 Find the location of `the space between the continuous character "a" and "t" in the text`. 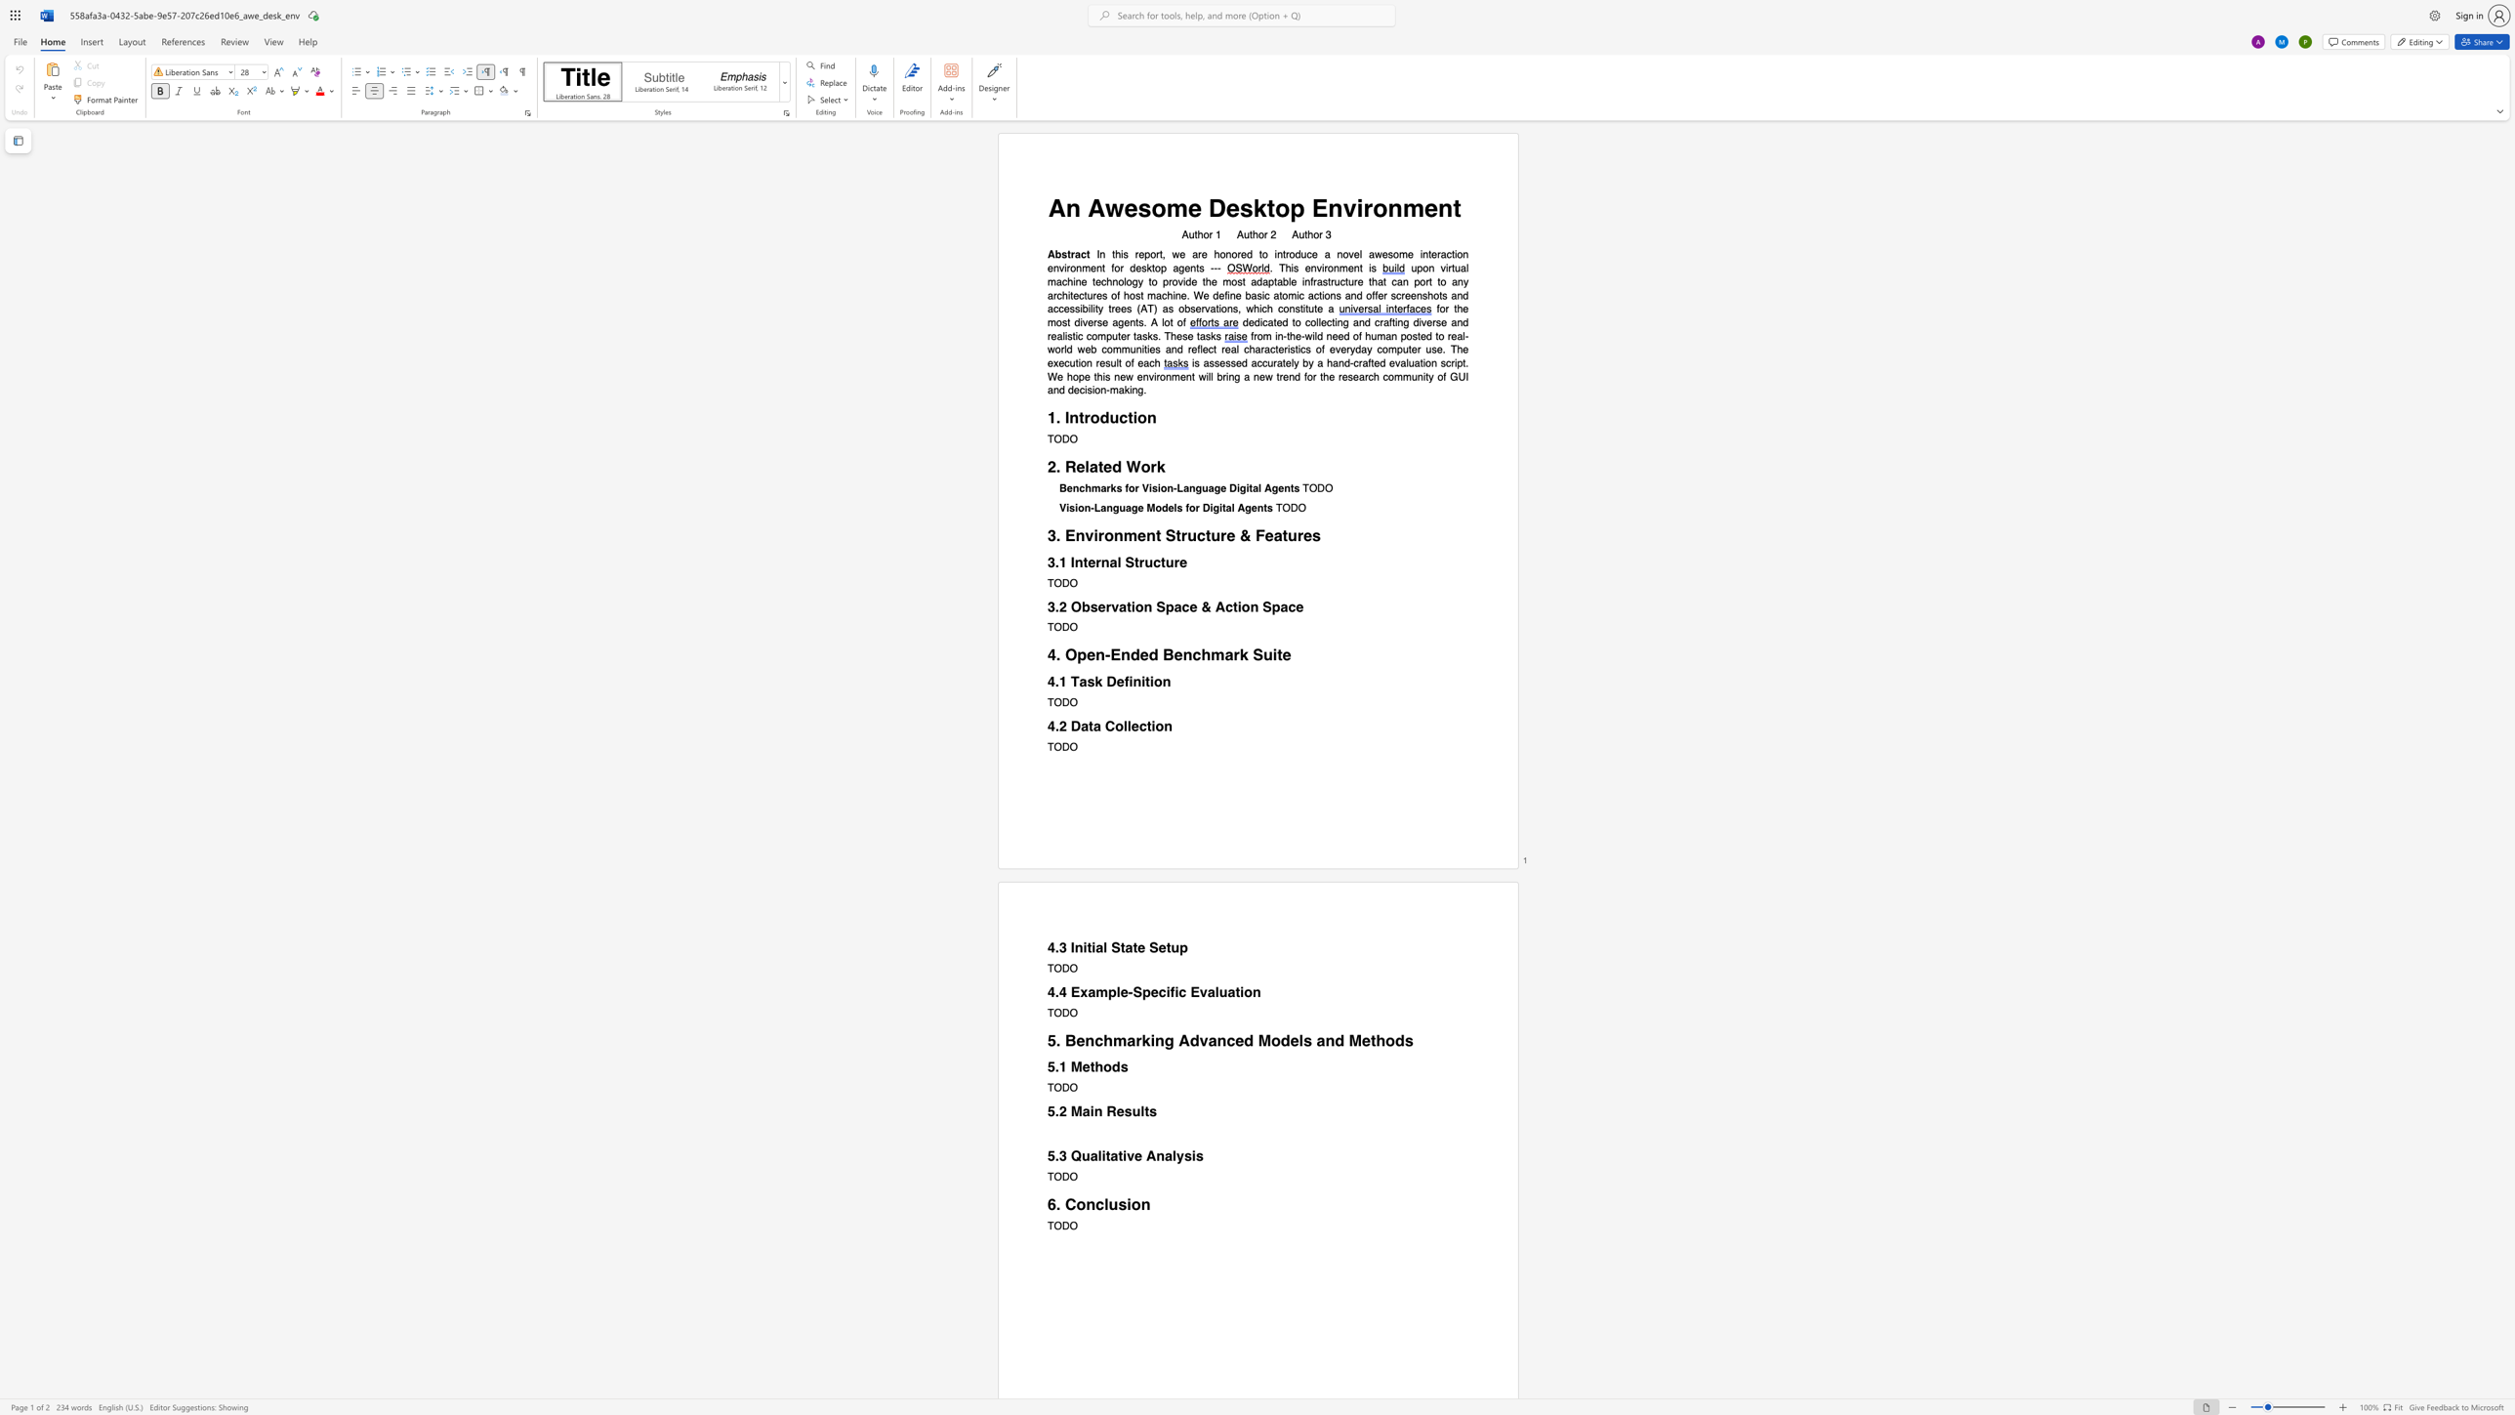

the space between the continuous character "a" and "t" in the text is located at coordinates (1272, 321).